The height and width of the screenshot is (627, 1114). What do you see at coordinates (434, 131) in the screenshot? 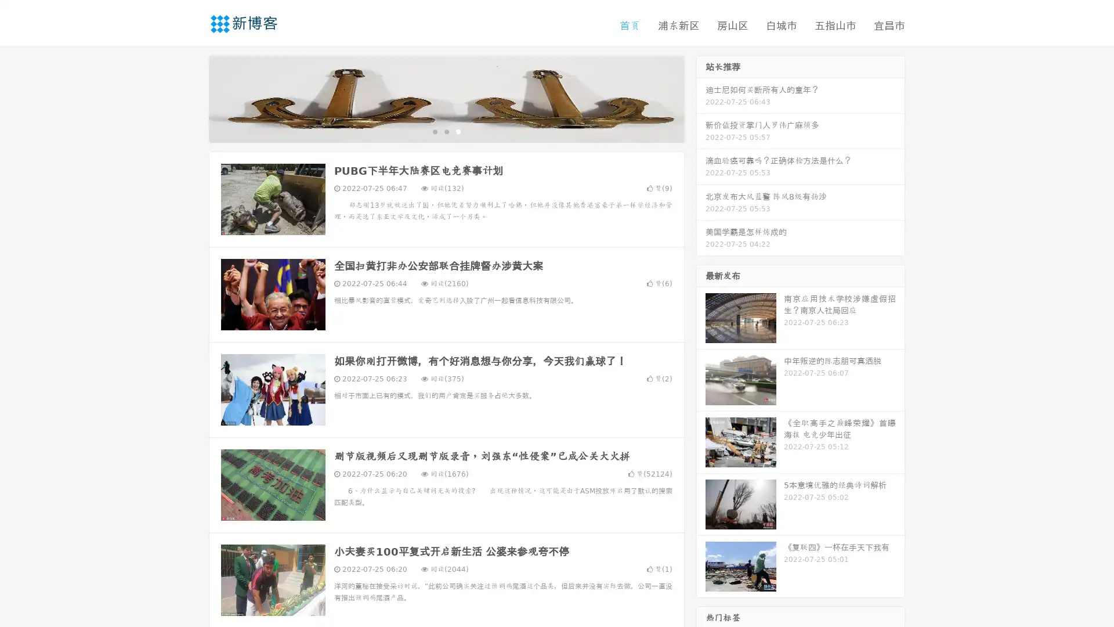
I see `Go to slide 1` at bounding box center [434, 131].